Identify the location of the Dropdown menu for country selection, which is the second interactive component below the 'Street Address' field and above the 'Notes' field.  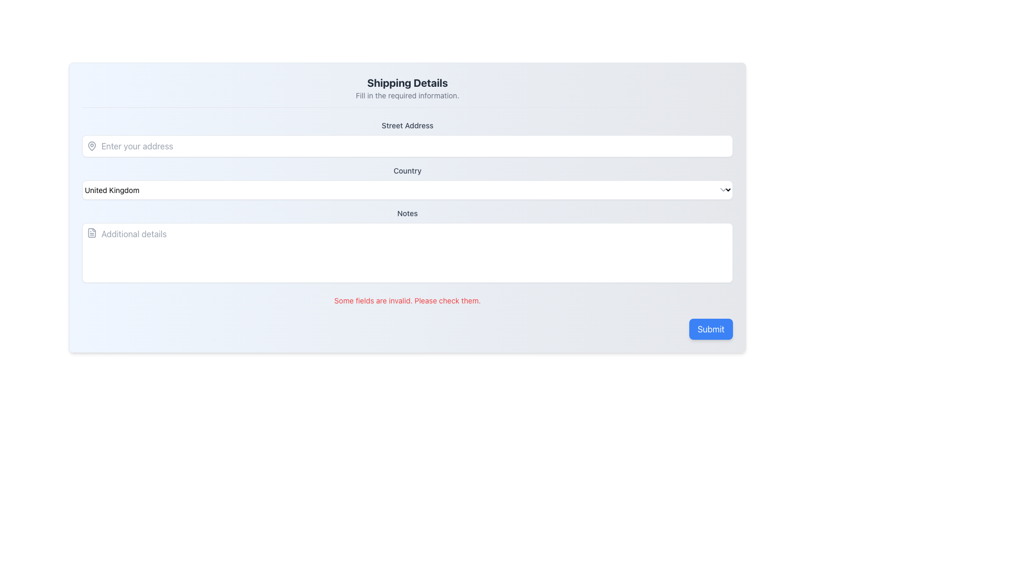
(407, 182).